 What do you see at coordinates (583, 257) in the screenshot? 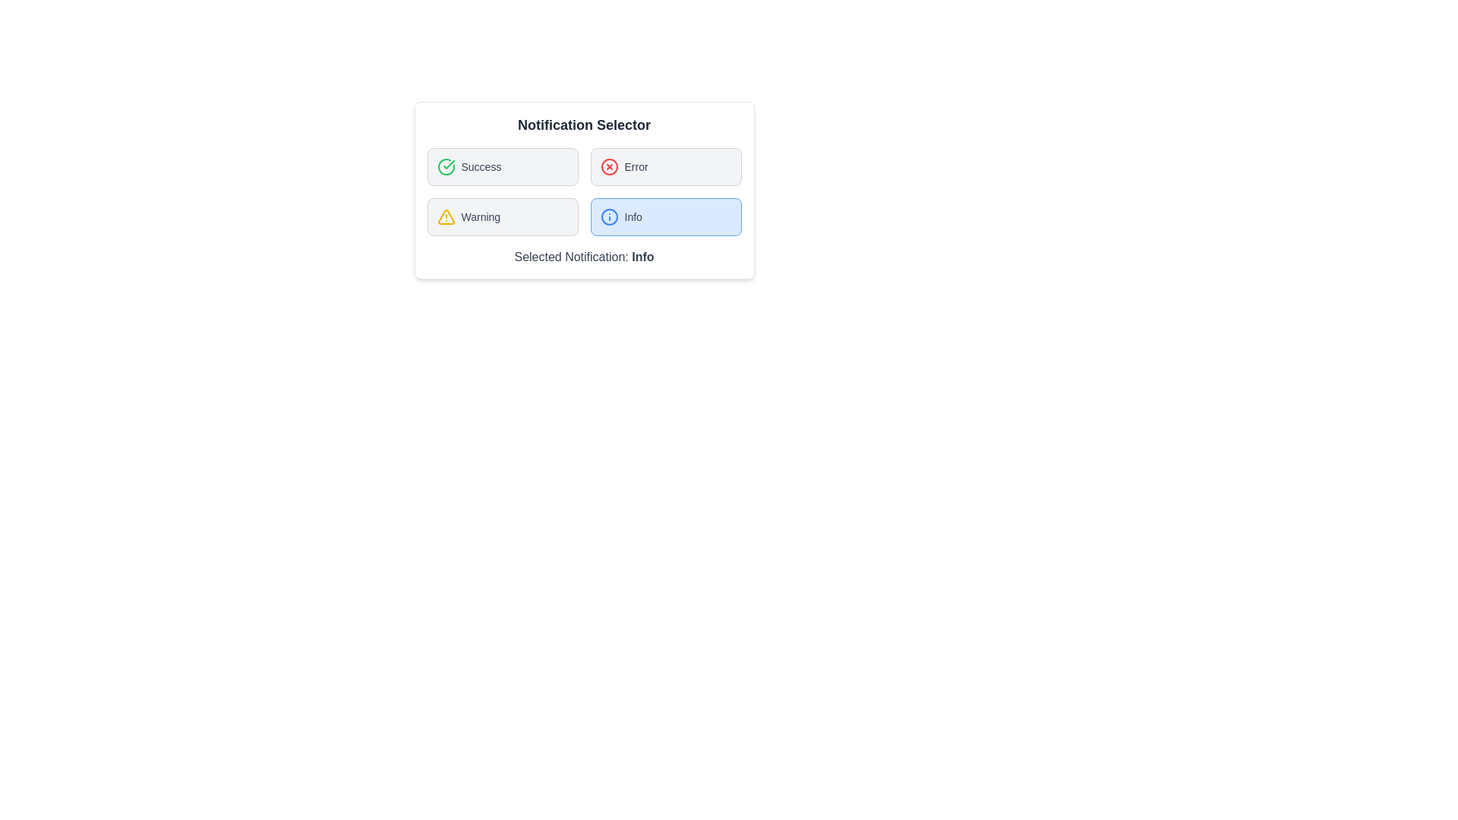
I see `the text 'Selected Notification: Info' and copy it to the clipboard` at bounding box center [583, 257].